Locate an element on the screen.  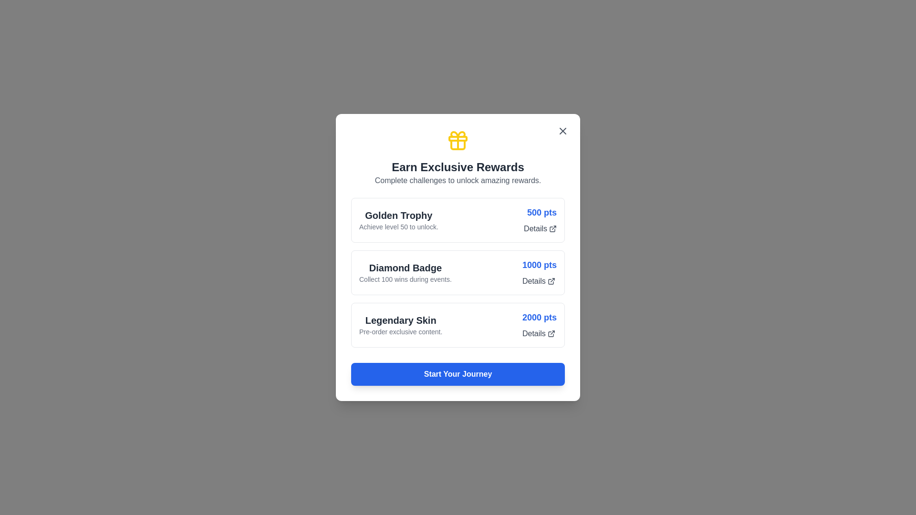
the yellow gift icon with a ribbon bow, located at the top-center of the modal window content, above the 'Earn Exclusive Rewards' text is located at coordinates (458, 140).